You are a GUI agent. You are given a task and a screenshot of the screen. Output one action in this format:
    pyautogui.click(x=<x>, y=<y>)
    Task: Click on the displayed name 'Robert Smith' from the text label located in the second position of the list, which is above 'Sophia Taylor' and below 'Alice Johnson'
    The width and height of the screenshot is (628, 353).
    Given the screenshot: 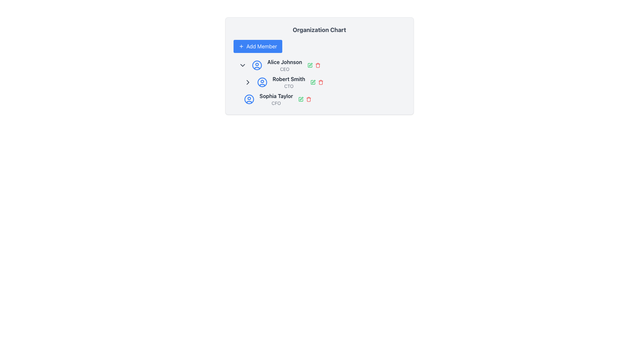 What is the action you would take?
    pyautogui.click(x=288, y=82)
    